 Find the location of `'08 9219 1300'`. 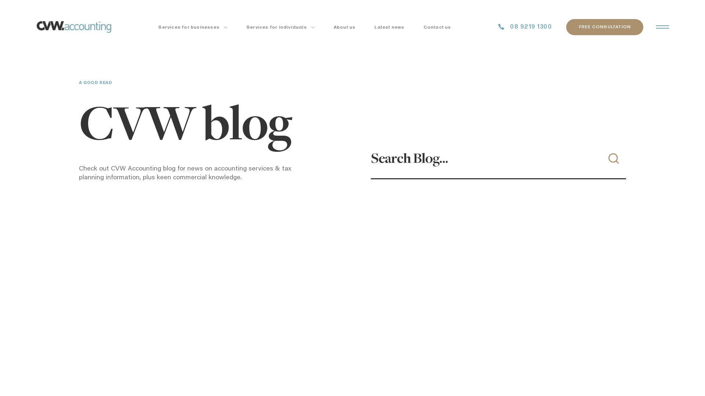

'08 9219 1300' is located at coordinates (525, 26).